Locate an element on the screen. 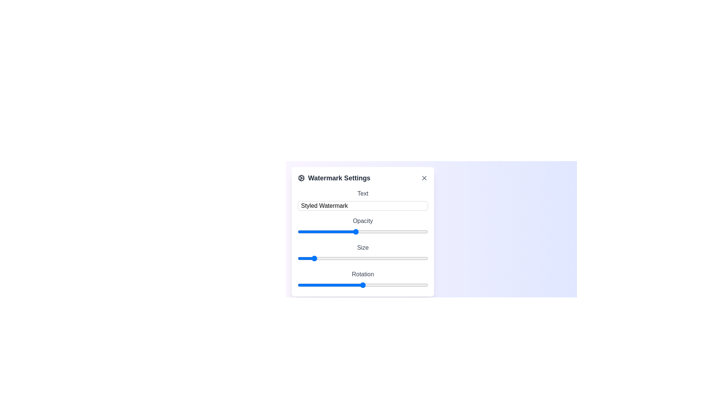 The height and width of the screenshot is (400, 711). the size is located at coordinates (363, 258).